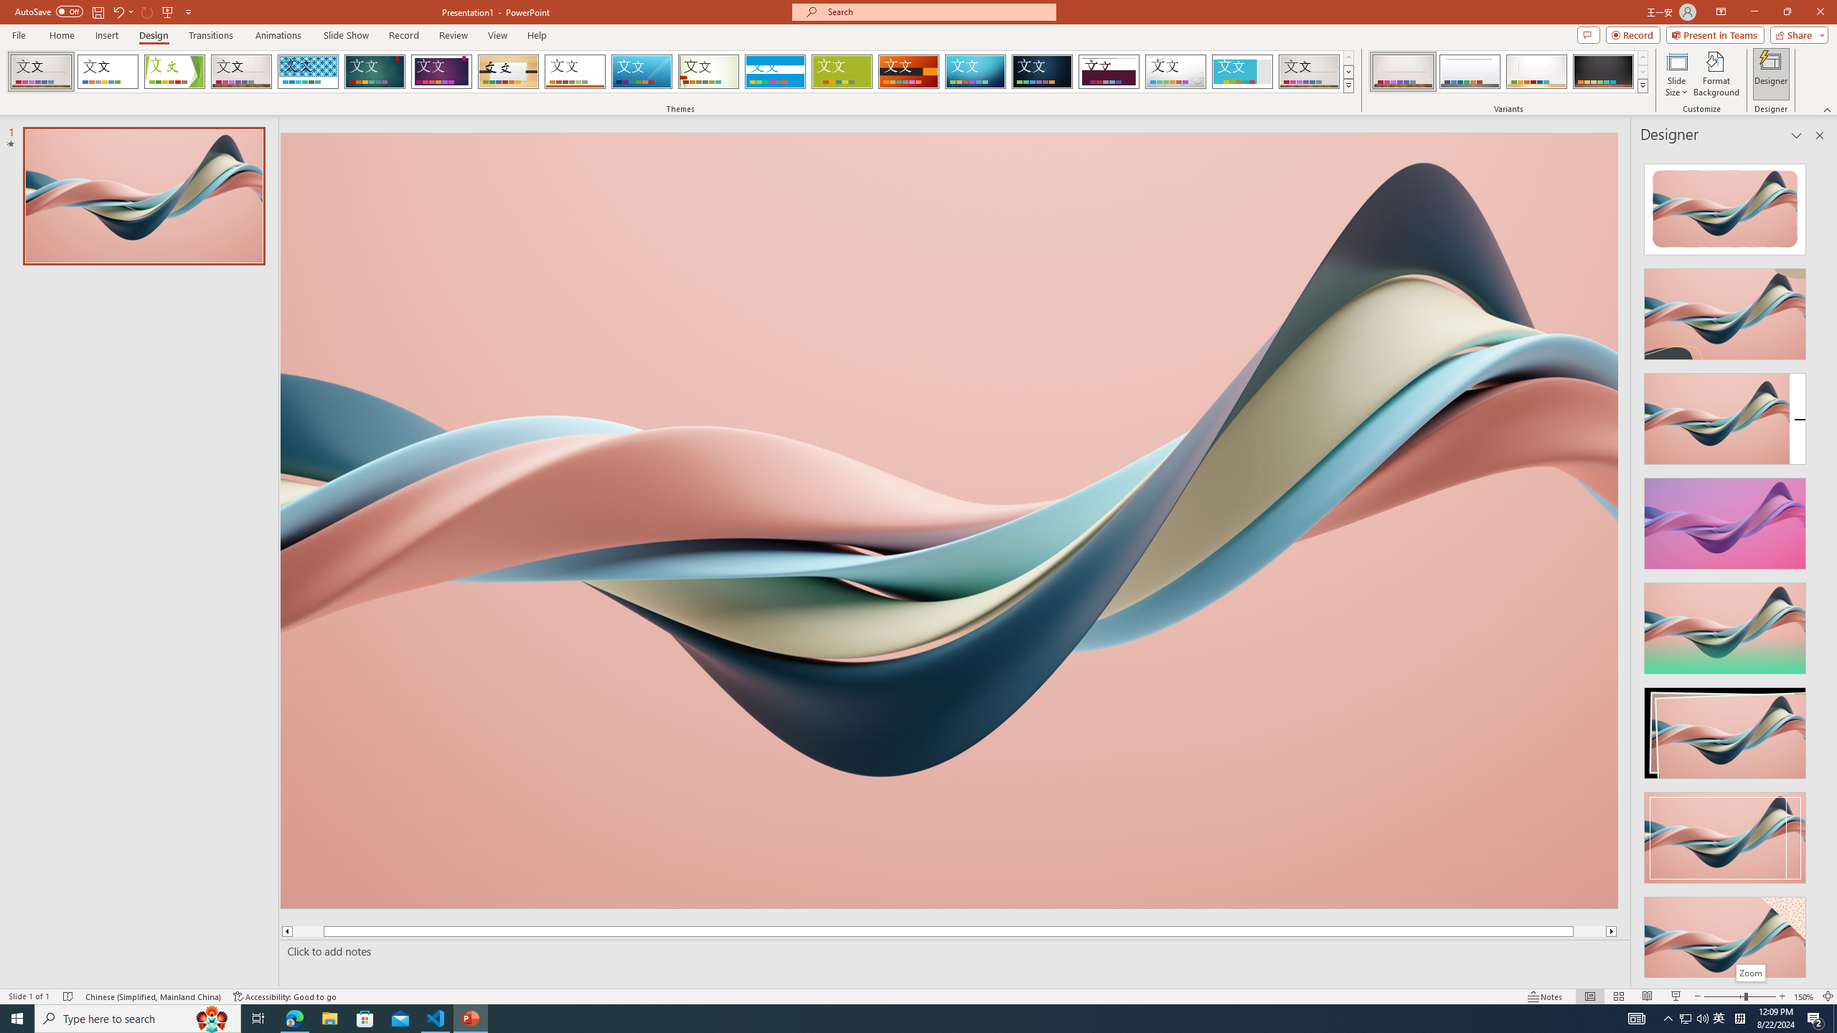  I want to click on 'Organic', so click(509, 71).